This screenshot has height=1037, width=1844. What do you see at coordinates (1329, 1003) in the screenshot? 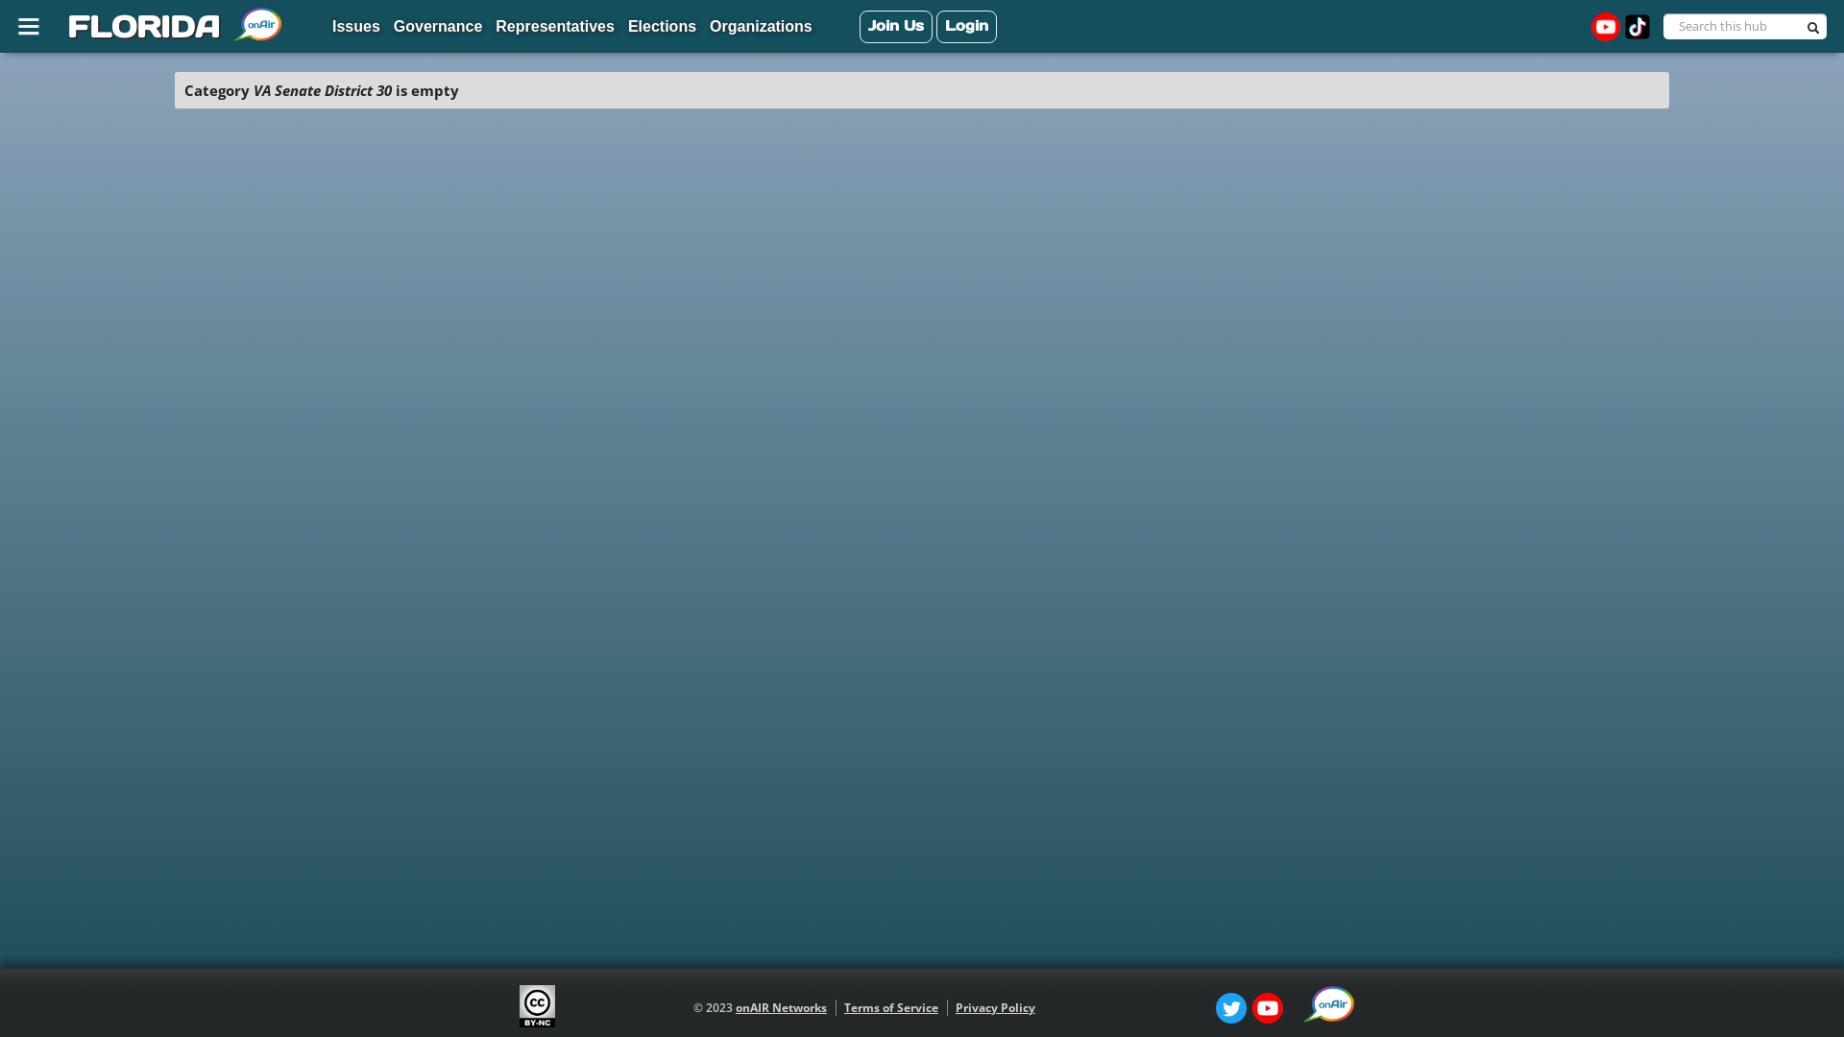
I see `'onAIR Icon [external resource]'` at bounding box center [1329, 1003].